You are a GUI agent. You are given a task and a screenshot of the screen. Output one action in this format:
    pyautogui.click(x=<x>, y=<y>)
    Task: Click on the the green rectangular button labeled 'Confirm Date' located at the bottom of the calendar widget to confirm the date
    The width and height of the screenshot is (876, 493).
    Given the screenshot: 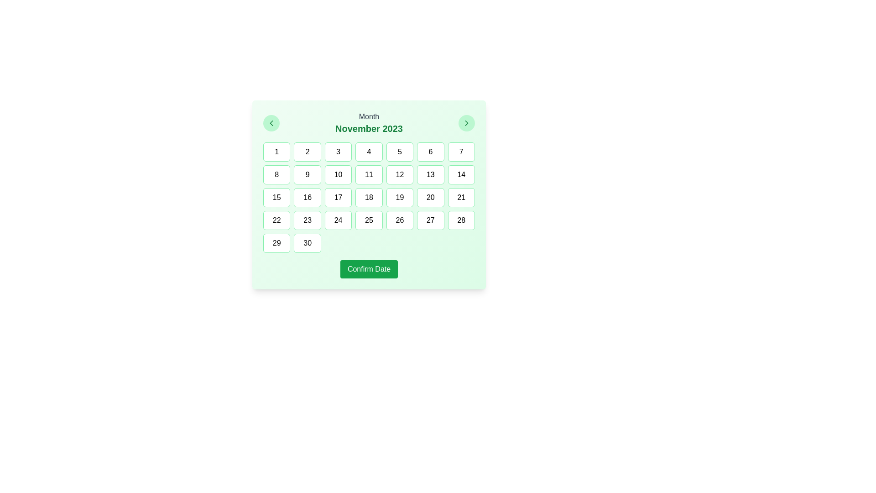 What is the action you would take?
    pyautogui.click(x=369, y=269)
    